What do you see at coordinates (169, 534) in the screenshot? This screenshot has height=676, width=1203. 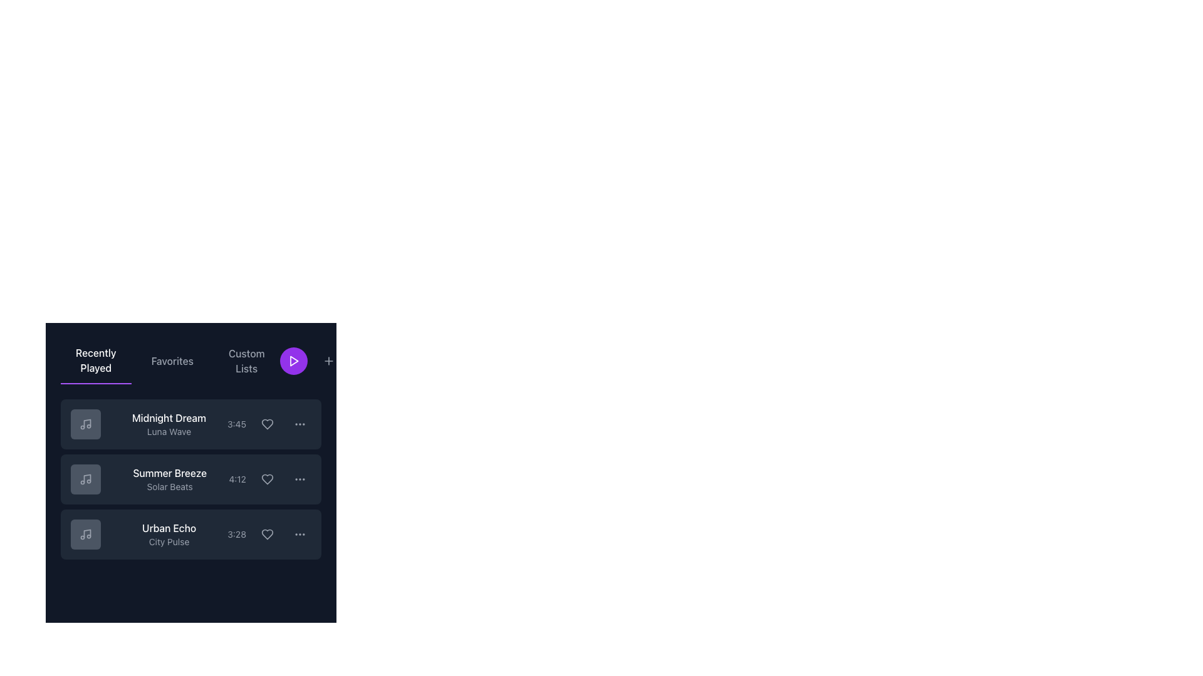 I see `the text block displaying 'Urban Echo' and 'City Pulse', which is the third item in a vertically stacked list` at bounding box center [169, 534].